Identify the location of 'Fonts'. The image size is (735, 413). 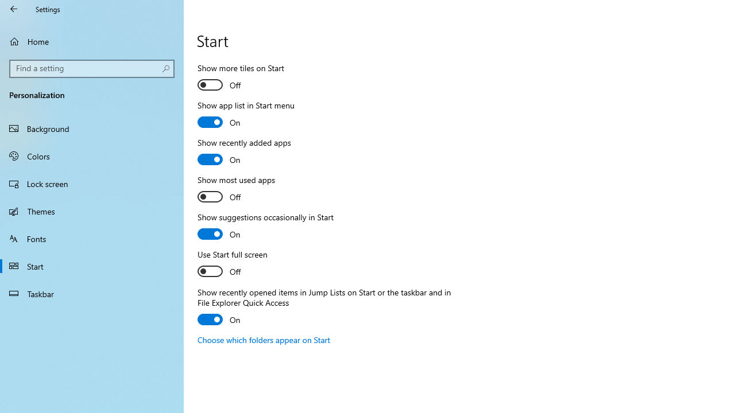
(92, 237).